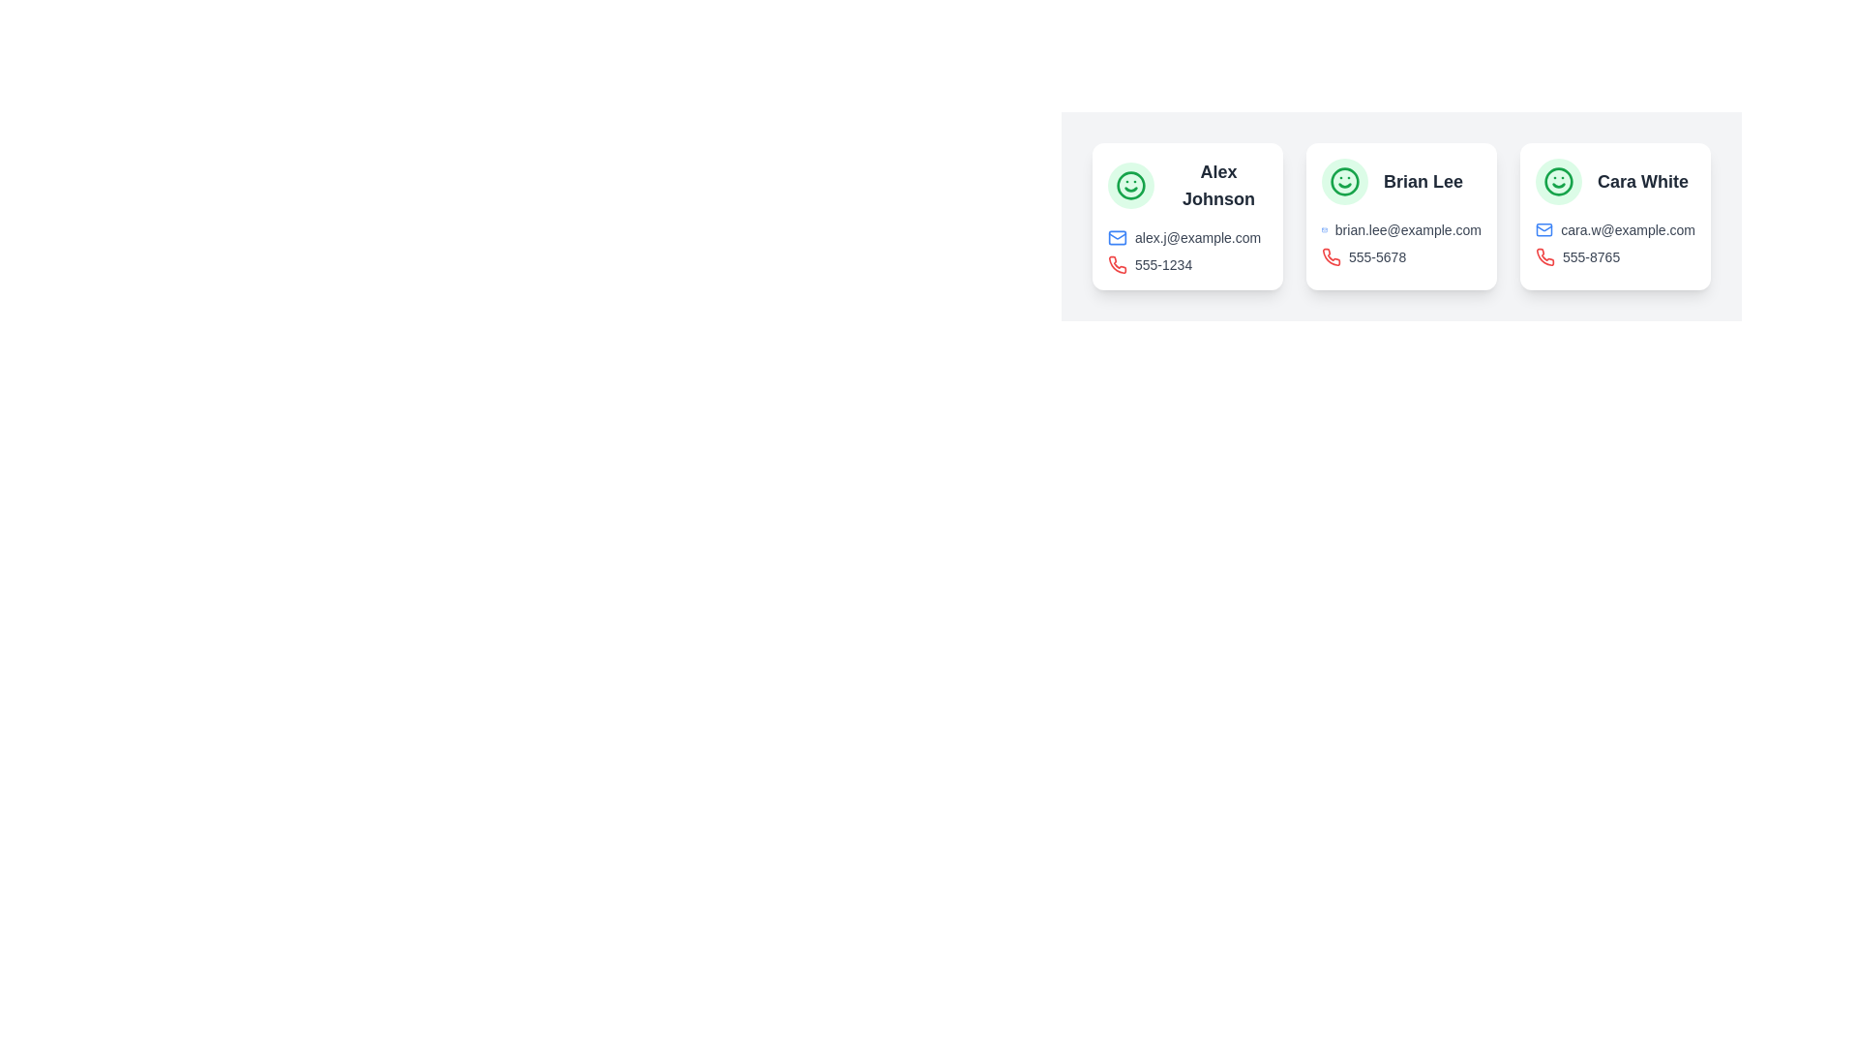 The width and height of the screenshot is (1858, 1045). What do you see at coordinates (1162, 264) in the screenshot?
I see `the static text displaying a phone number, which is styled with a small font size and gray color, located to the right of a red phone icon` at bounding box center [1162, 264].